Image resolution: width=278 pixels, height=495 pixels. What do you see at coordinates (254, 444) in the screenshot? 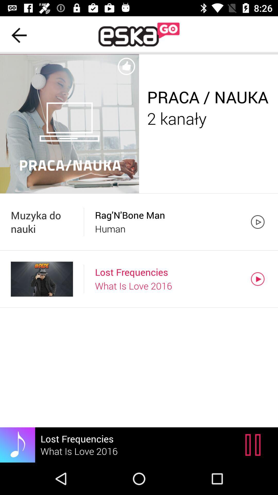
I see `the icon at the bottom right corner` at bounding box center [254, 444].